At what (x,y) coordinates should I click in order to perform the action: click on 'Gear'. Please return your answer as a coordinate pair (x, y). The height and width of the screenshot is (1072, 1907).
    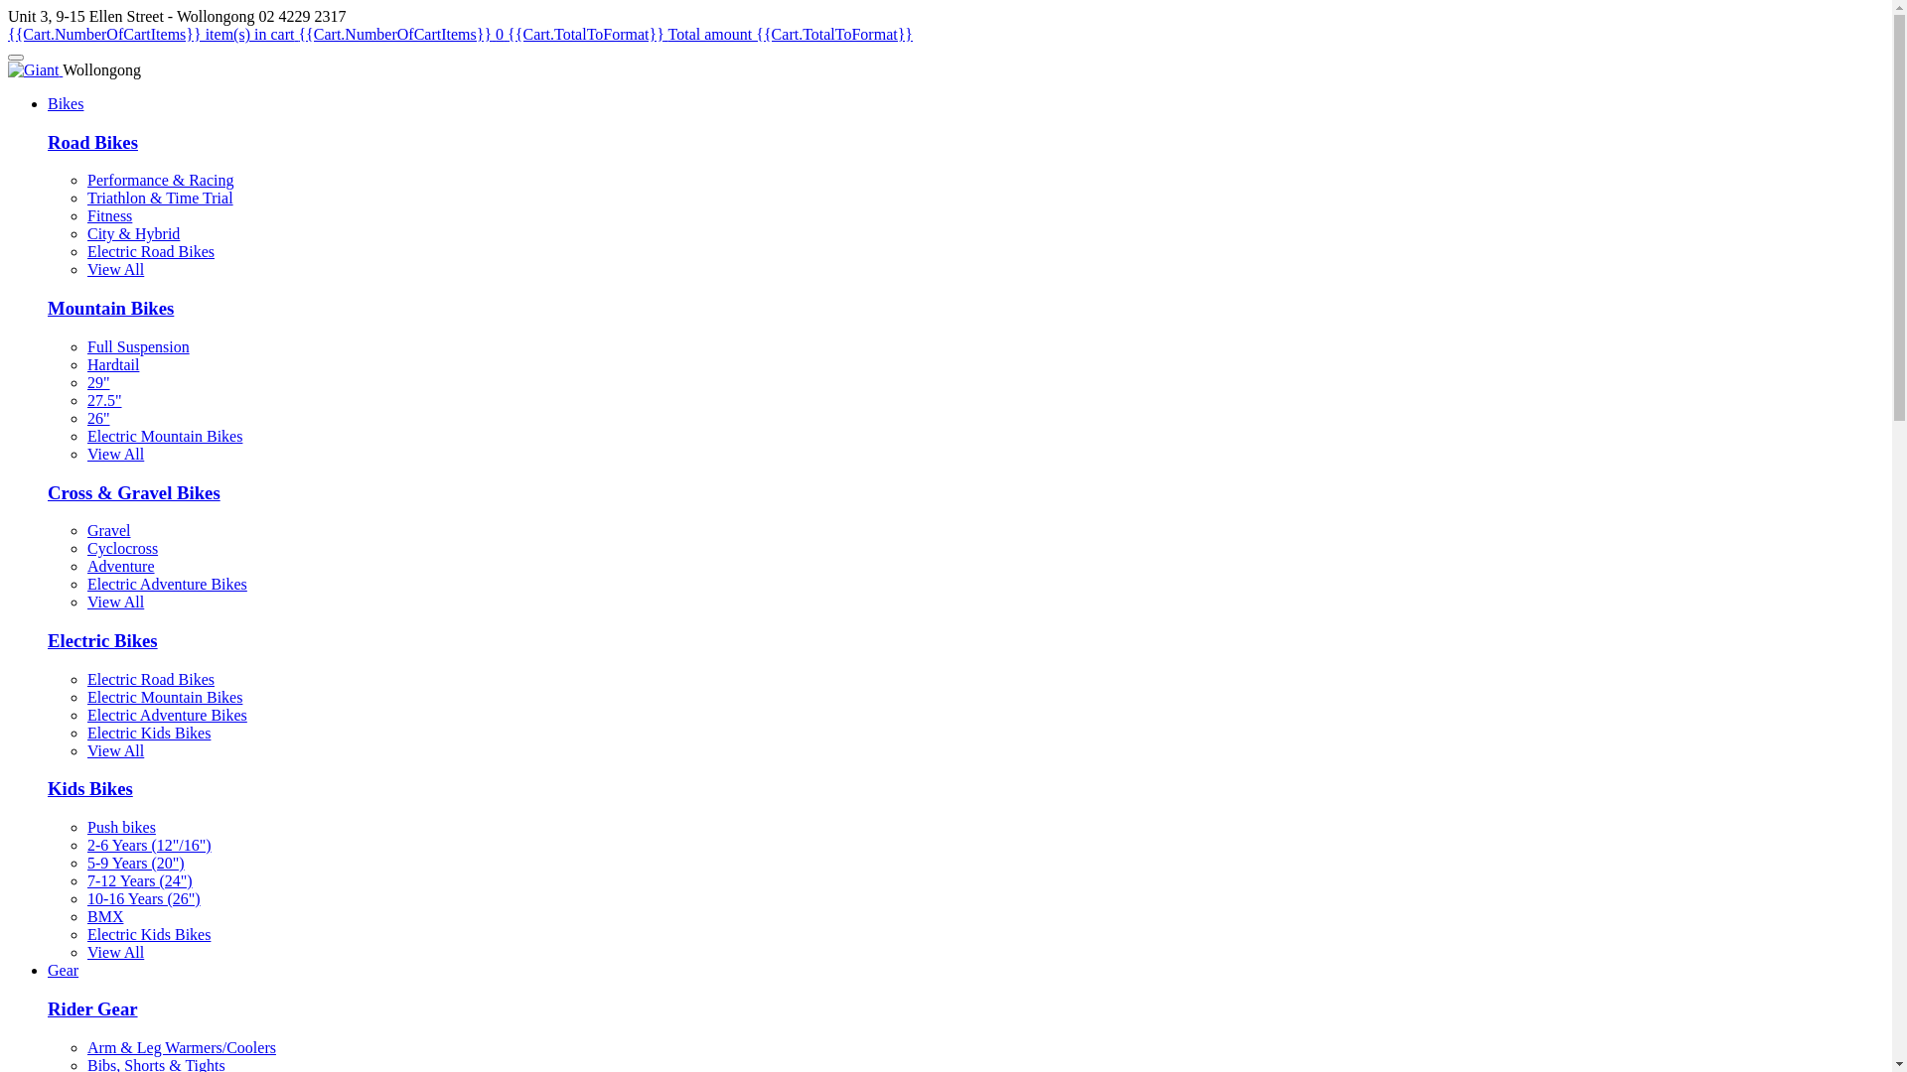
    Looking at the image, I should click on (63, 969).